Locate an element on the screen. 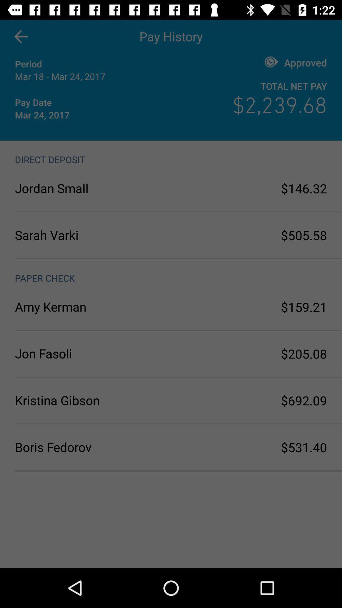 The width and height of the screenshot is (342, 608). the icon above kristina gibson icon is located at coordinates (93, 353).